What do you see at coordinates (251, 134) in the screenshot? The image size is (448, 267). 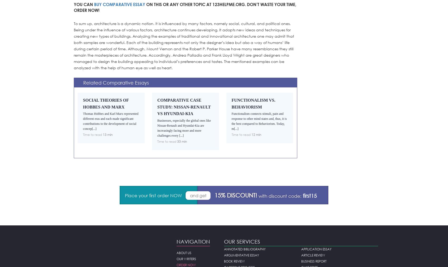 I see `'12 min'` at bounding box center [251, 134].